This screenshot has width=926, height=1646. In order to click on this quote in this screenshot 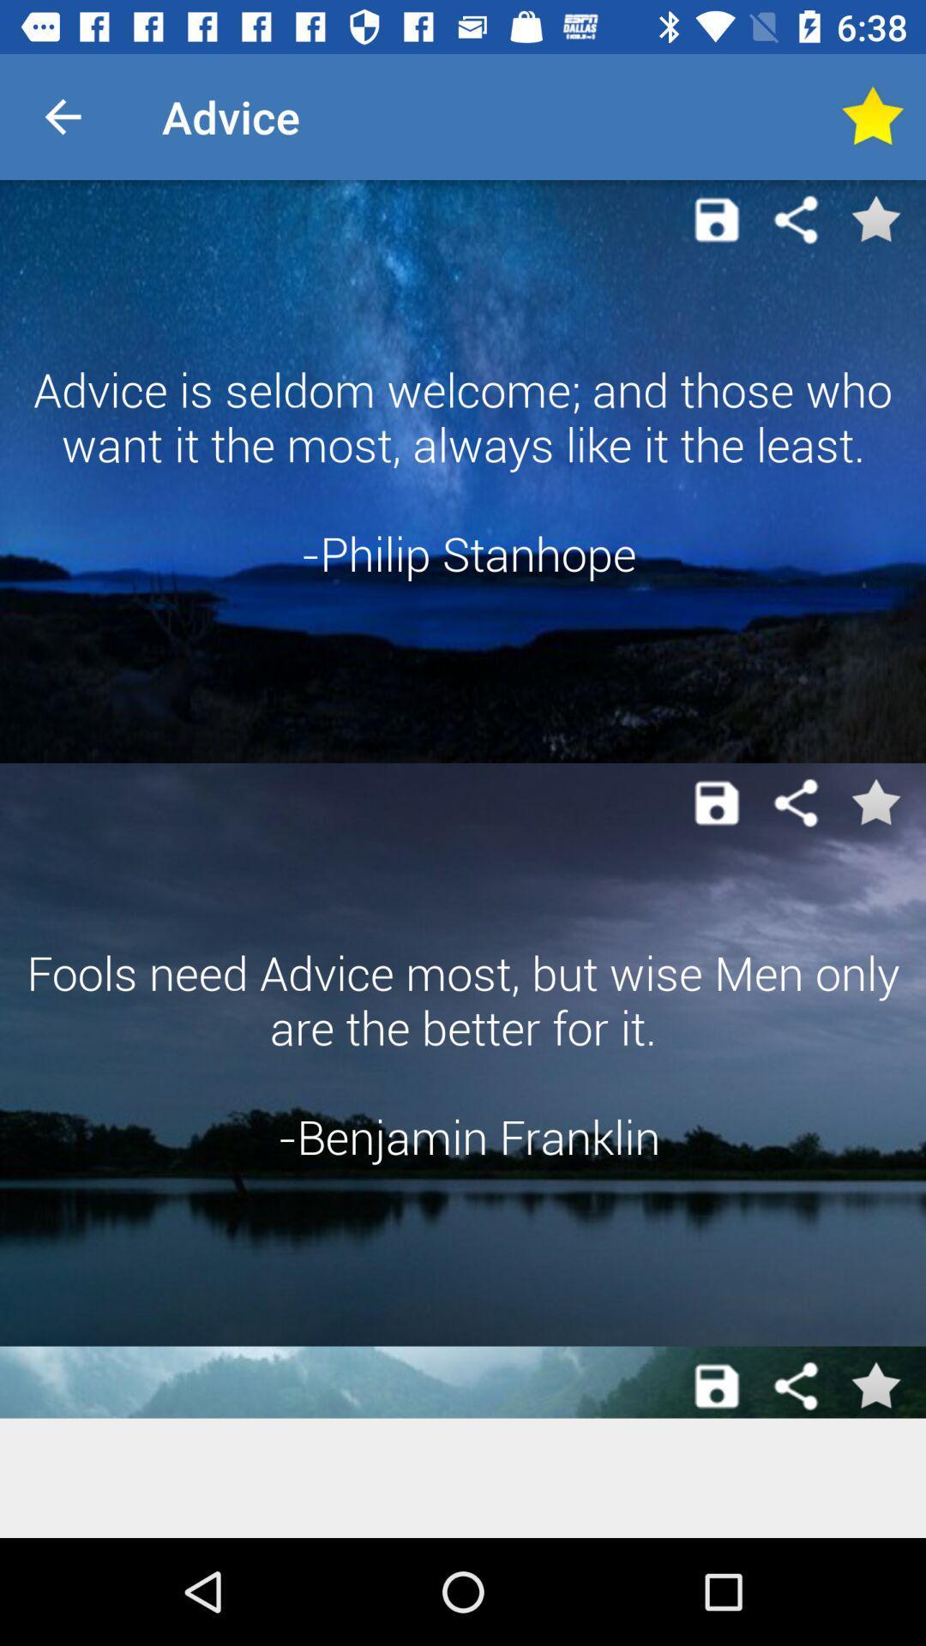, I will do `click(875, 1386)`.